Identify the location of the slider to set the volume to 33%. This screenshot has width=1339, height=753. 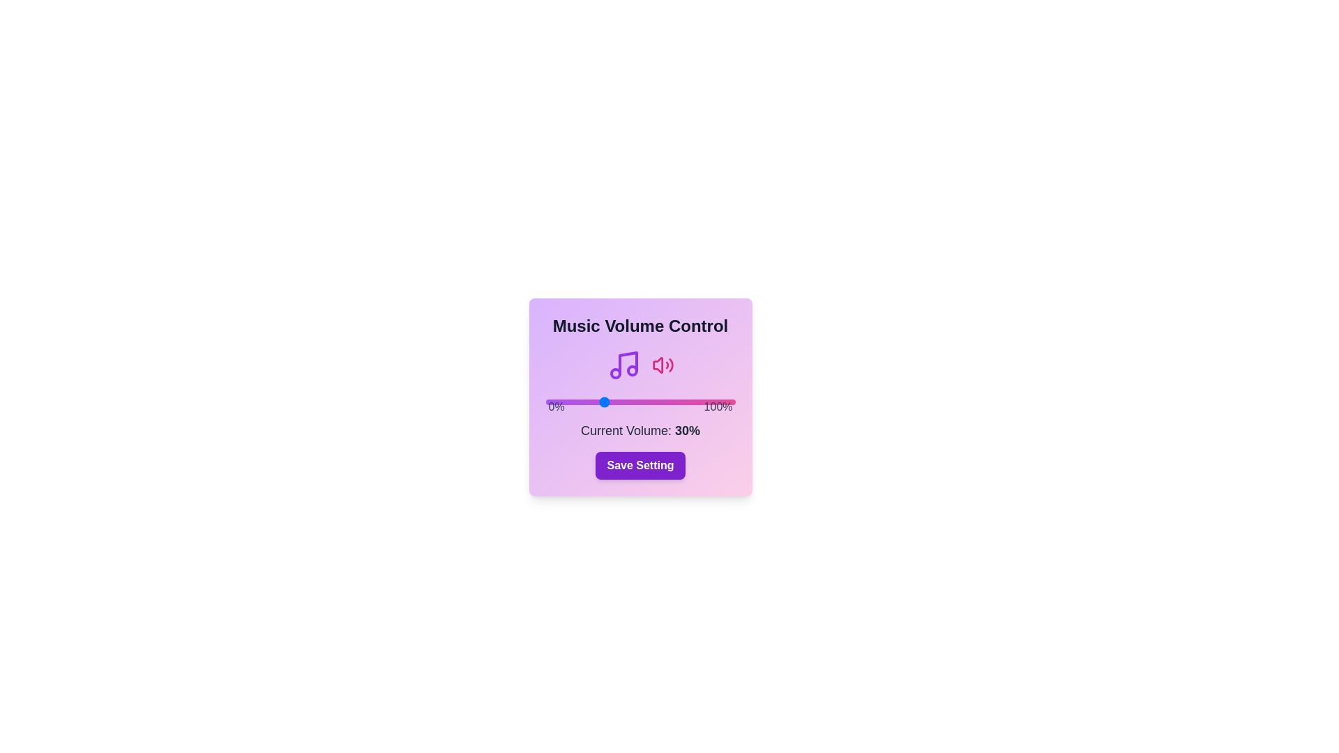
(608, 402).